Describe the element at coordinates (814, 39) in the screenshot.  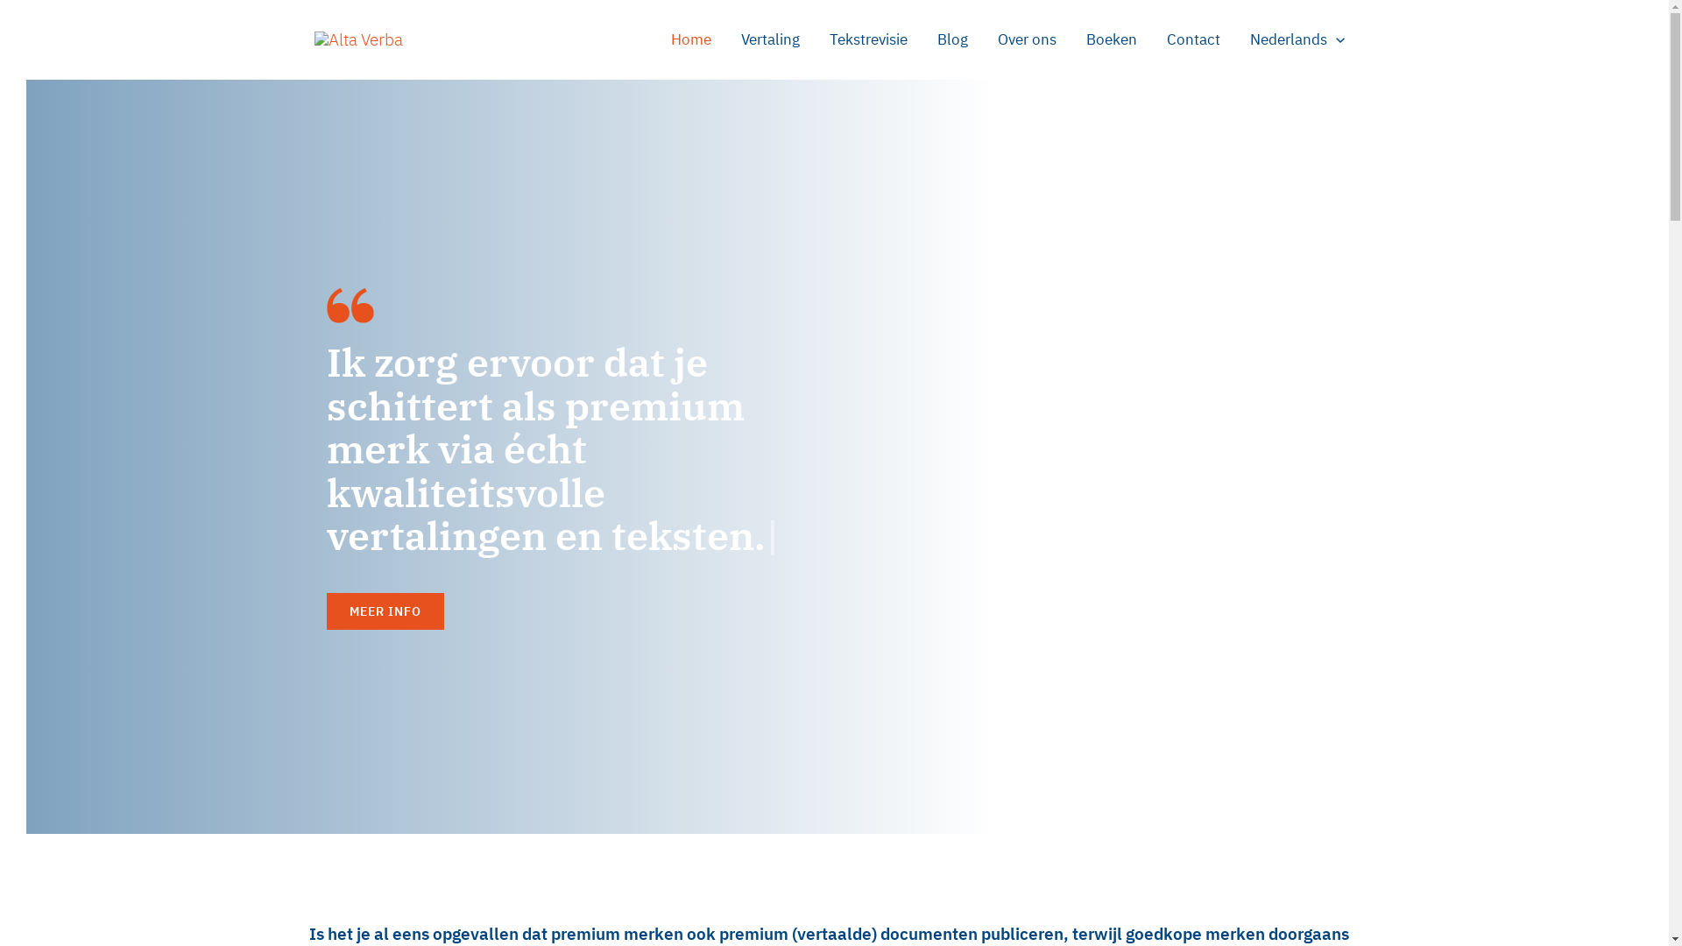
I see `'Tekstrevisie'` at that location.